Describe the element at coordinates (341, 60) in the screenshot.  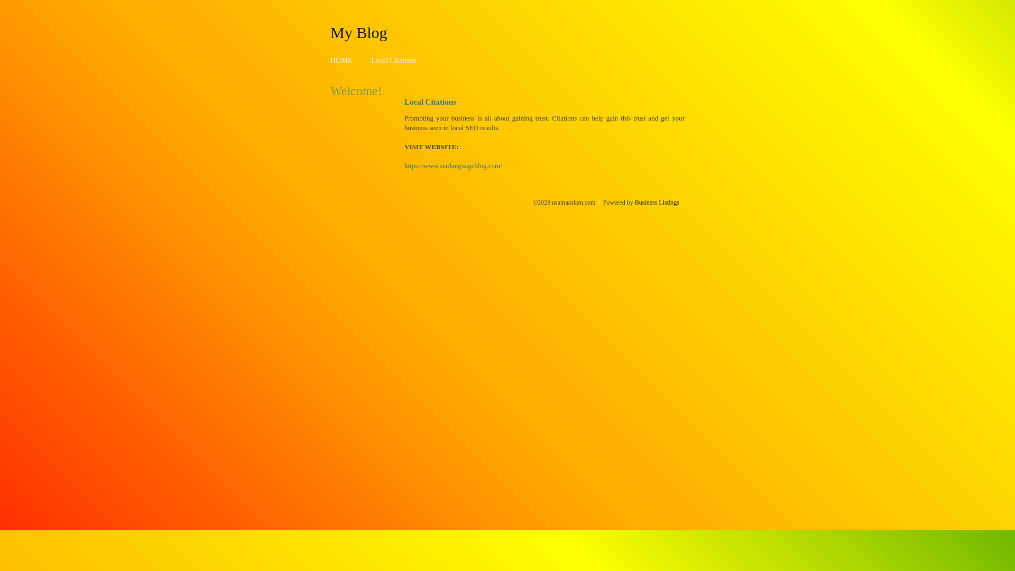
I see `'HOME'` at that location.